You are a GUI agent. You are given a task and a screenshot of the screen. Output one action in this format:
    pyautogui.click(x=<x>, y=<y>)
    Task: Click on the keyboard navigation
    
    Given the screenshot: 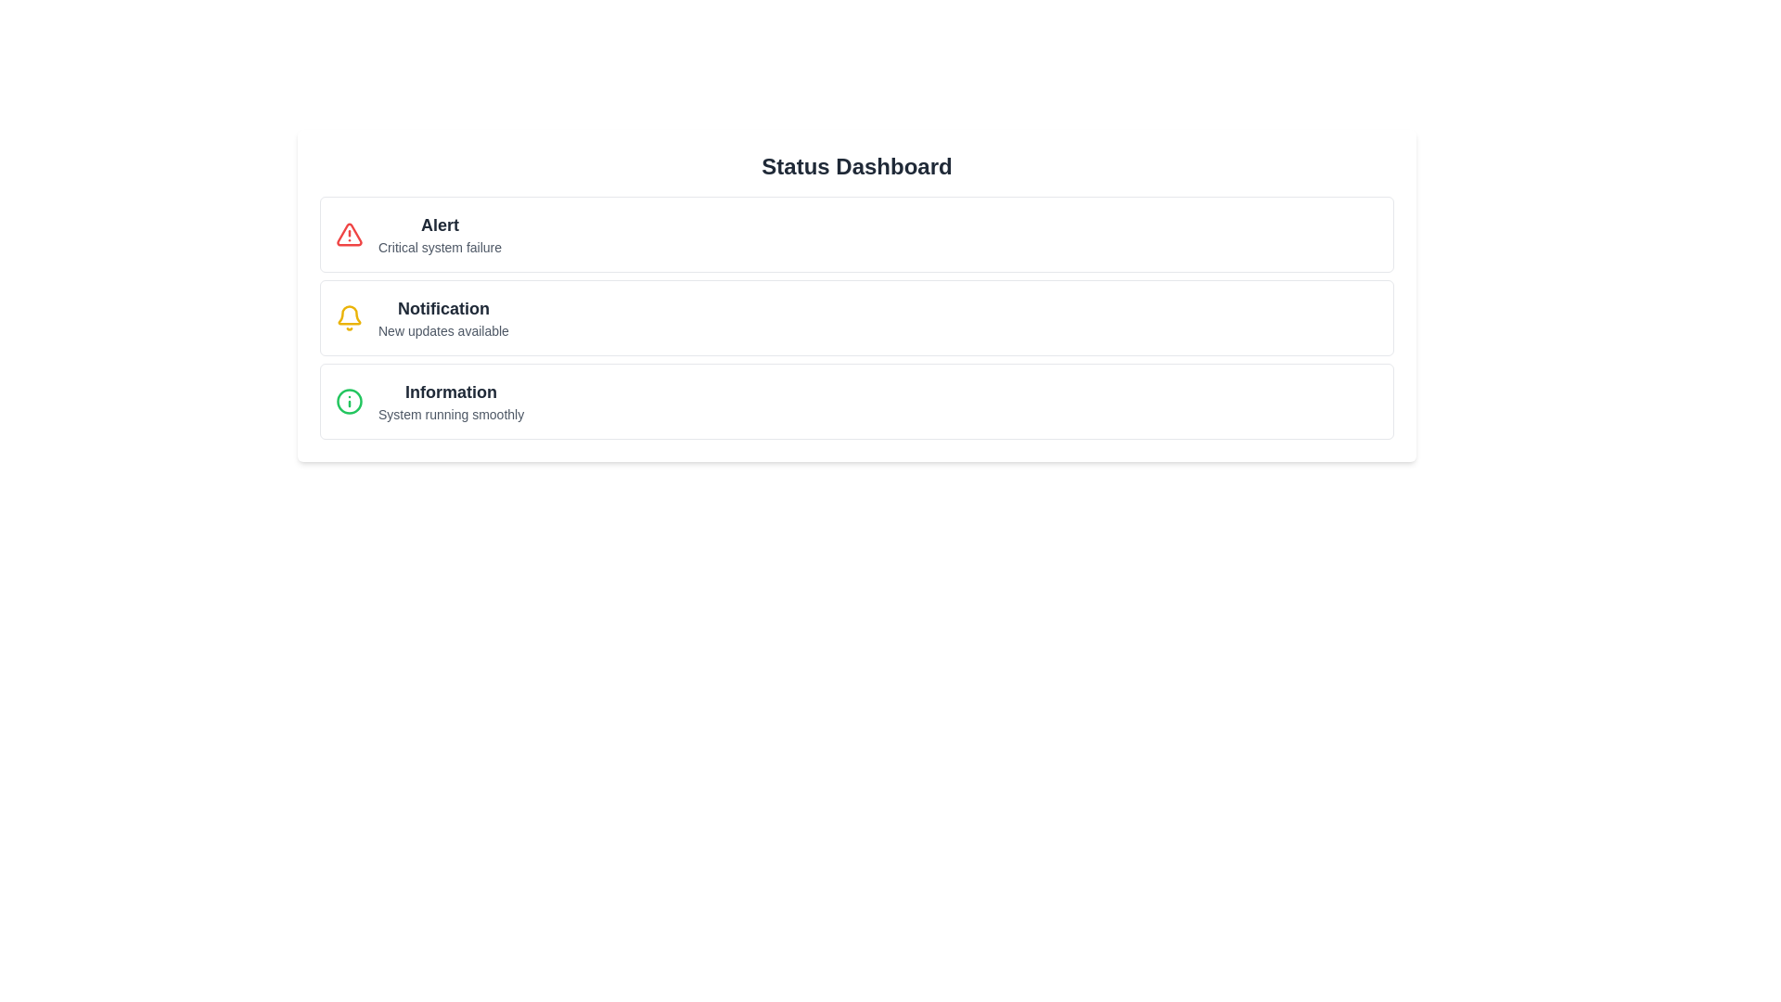 What is the action you would take?
    pyautogui.click(x=451, y=392)
    